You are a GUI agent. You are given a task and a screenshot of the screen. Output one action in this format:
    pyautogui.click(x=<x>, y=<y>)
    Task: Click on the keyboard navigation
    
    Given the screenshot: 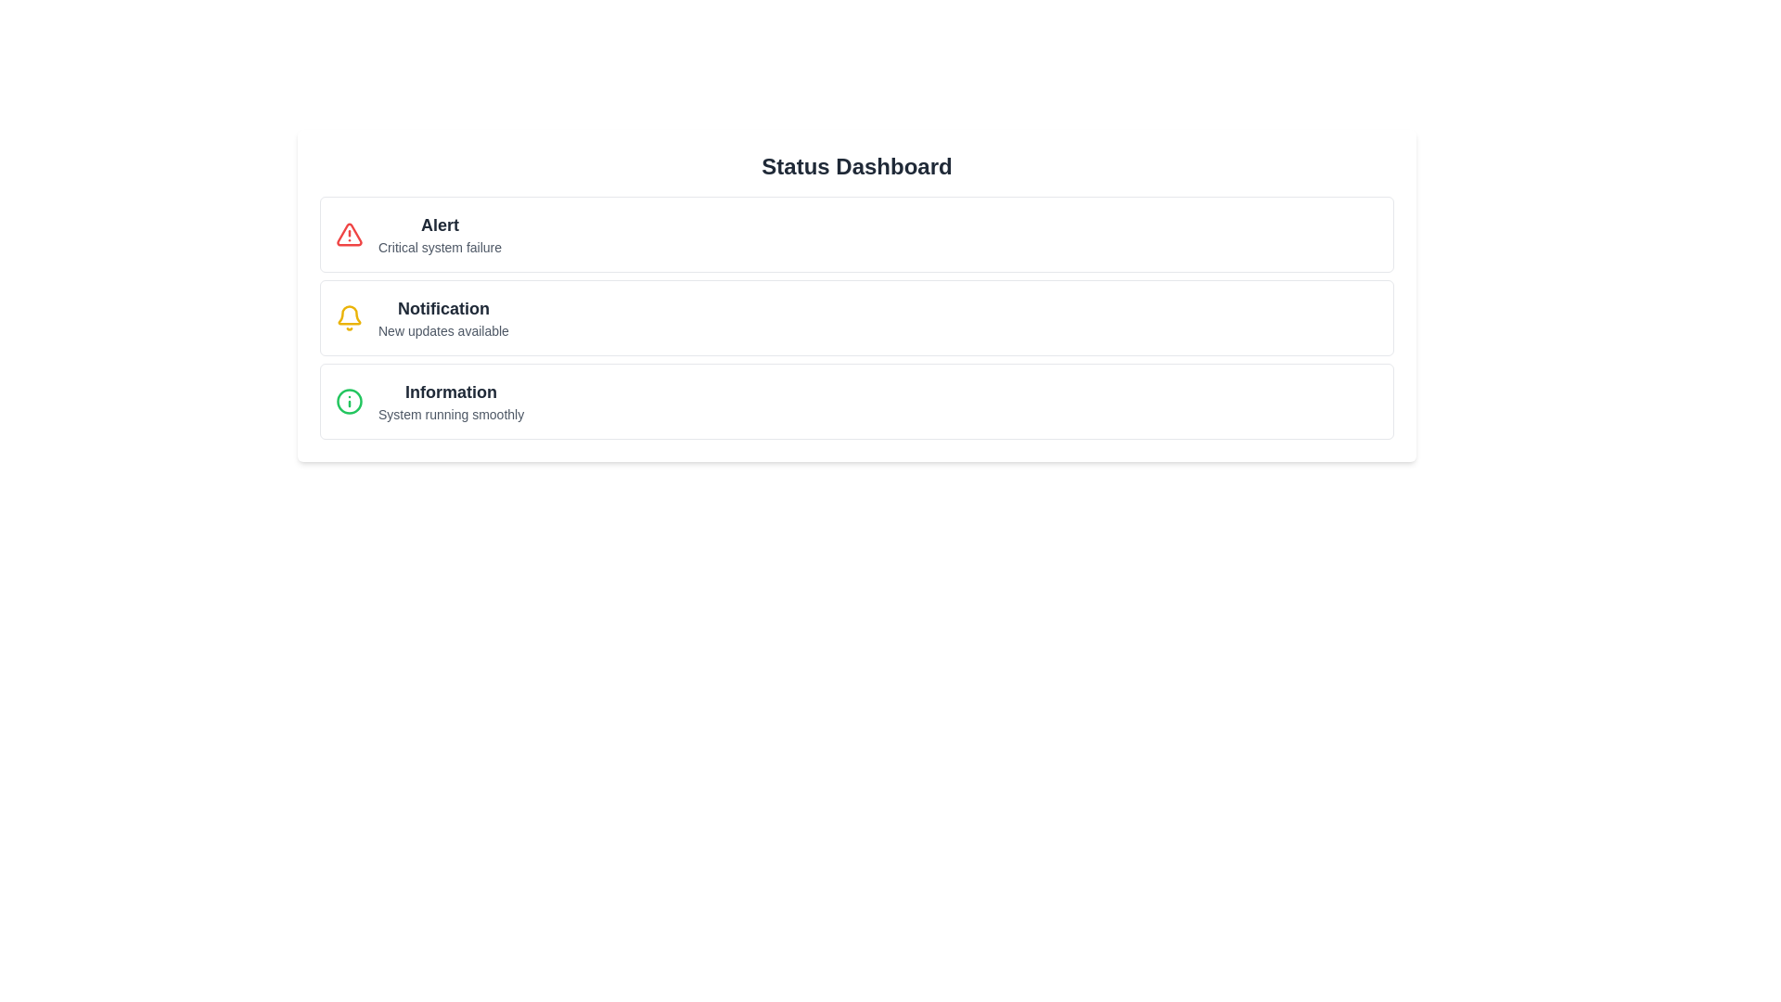 What is the action you would take?
    pyautogui.click(x=451, y=392)
    